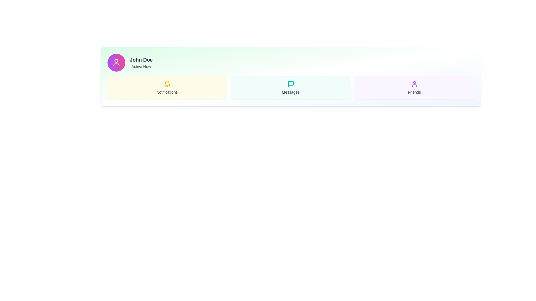 The height and width of the screenshot is (301, 536). I want to click on the 'Friends' icon, which is part of the section identified by a light purple background and labeled 'Friends', located in the rightmost card of a horizontally aligned group of sections, so click(414, 84).